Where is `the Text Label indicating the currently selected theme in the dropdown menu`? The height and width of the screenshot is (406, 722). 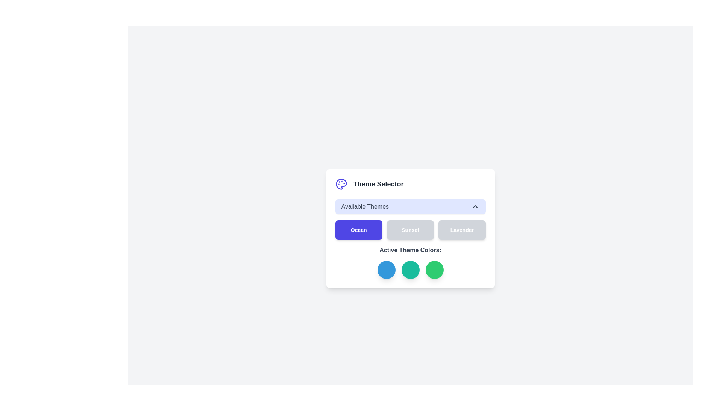 the Text Label indicating the currently selected theme in the dropdown menu is located at coordinates (365, 207).